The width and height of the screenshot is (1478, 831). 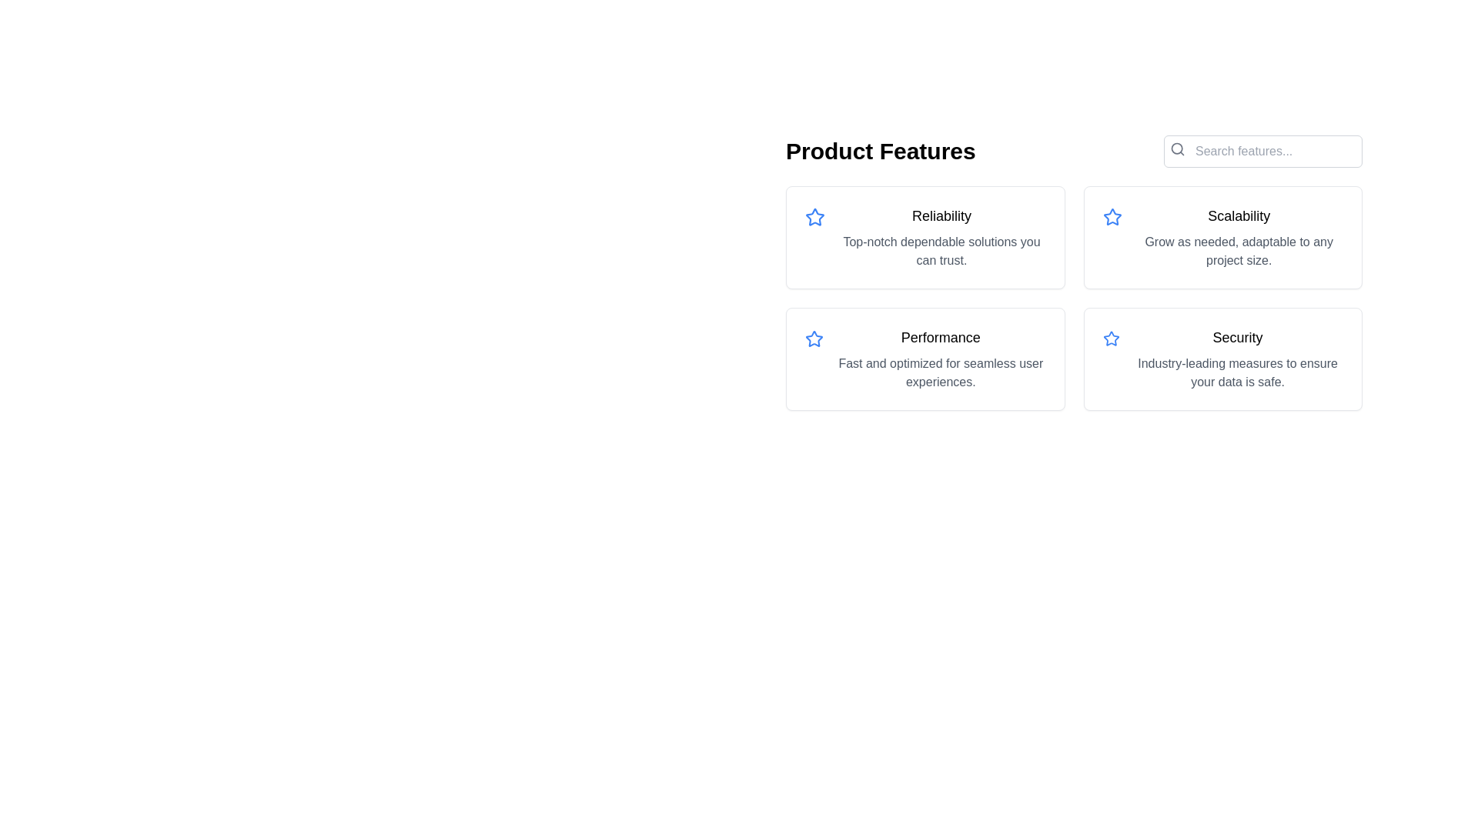 What do you see at coordinates (940, 373) in the screenshot?
I see `static text displaying gray text that reads 'Fast and optimized for seamless user experiences.' positioned beneath the heading 'Performance.'` at bounding box center [940, 373].